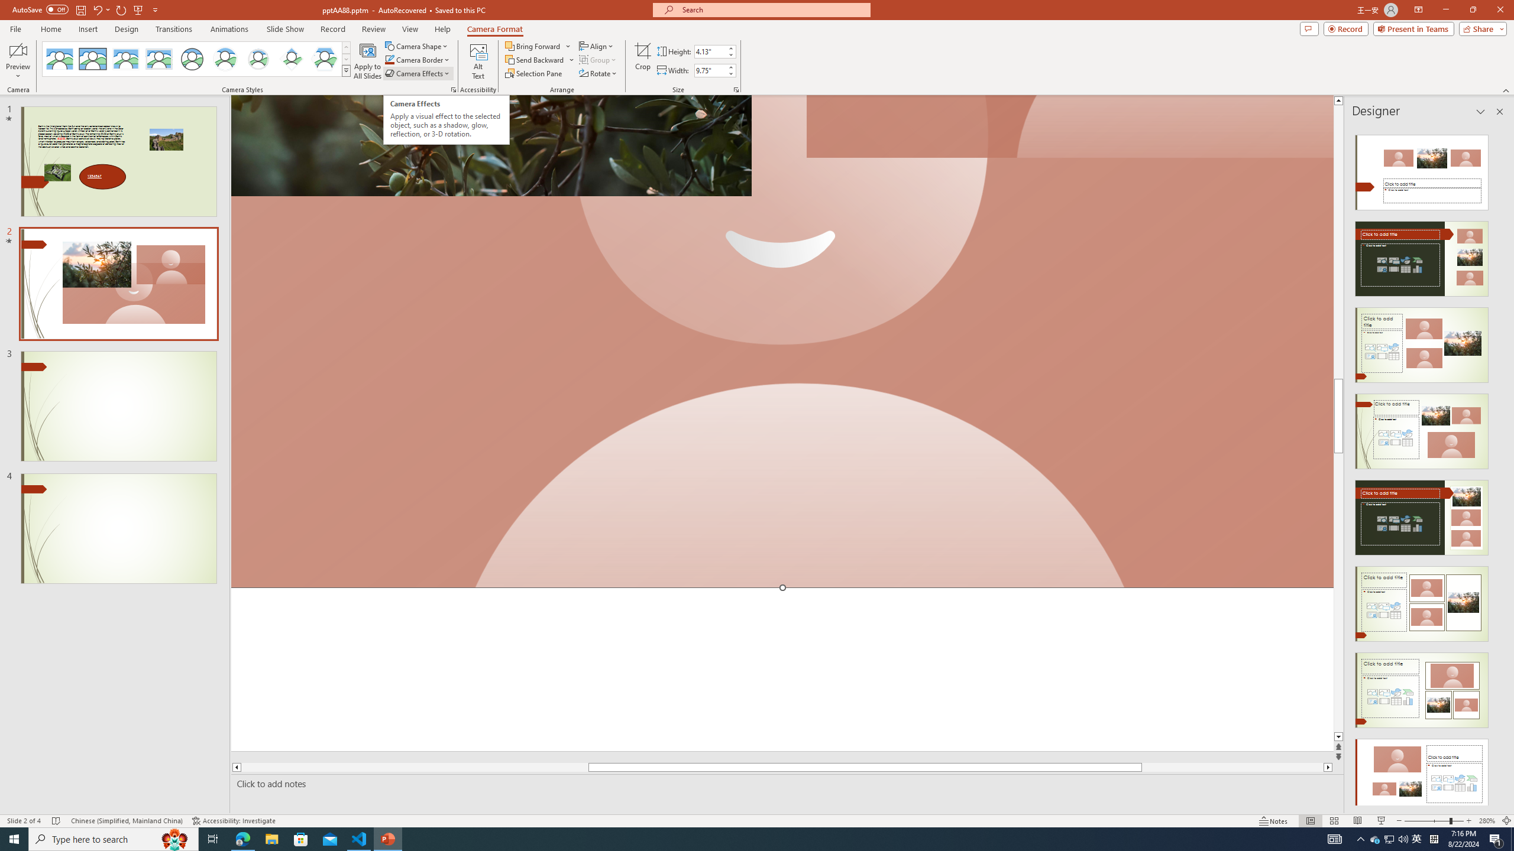 The image size is (1514, 851). What do you see at coordinates (1421, 168) in the screenshot?
I see `'Recommended Design: Design Idea'` at bounding box center [1421, 168].